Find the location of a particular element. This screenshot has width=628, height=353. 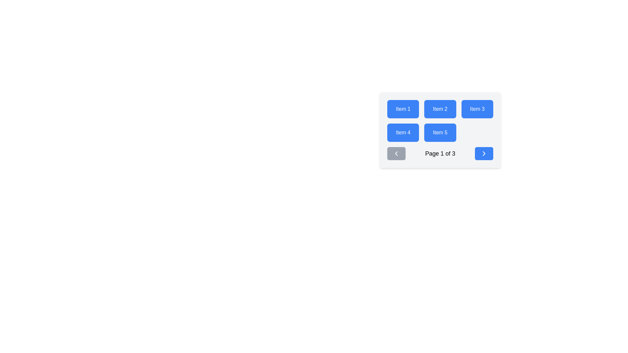

the rectangular button with a light gray background and a left-pointing chevron icon, located in the pagination area to the left of 'Page 1 of 3' is located at coordinates (396, 154).